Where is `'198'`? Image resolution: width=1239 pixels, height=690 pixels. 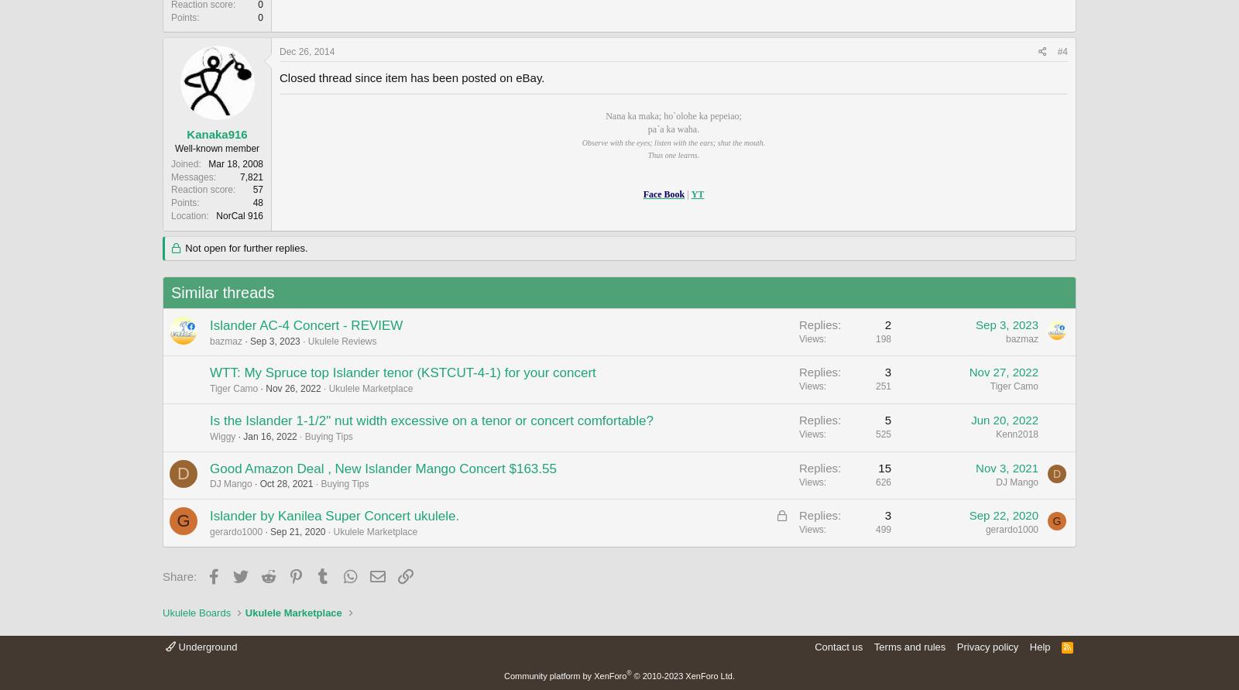
'198' is located at coordinates (883, 338).